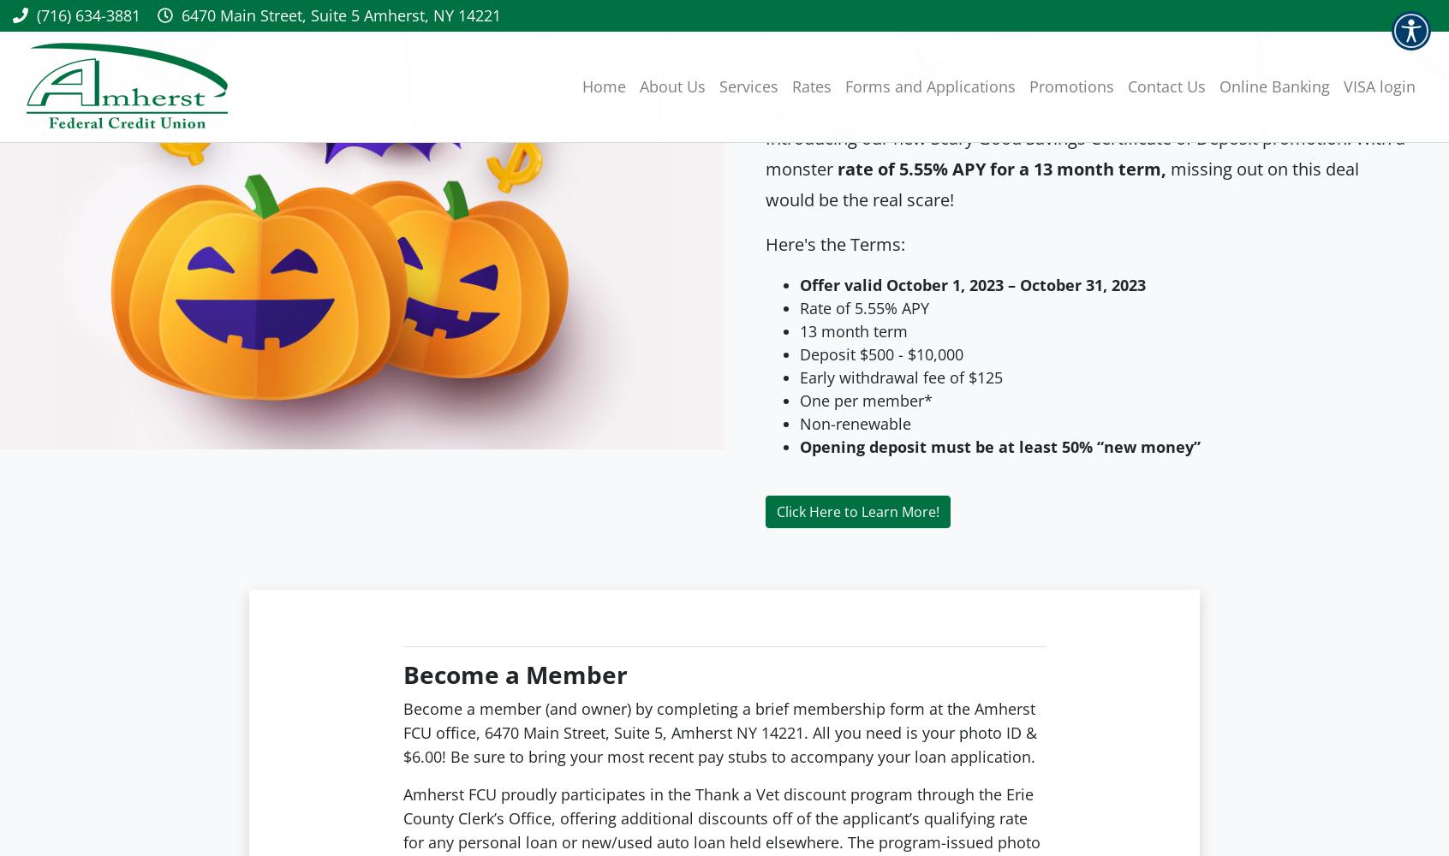  What do you see at coordinates (854, 423) in the screenshot?
I see `'Non-renewable'` at bounding box center [854, 423].